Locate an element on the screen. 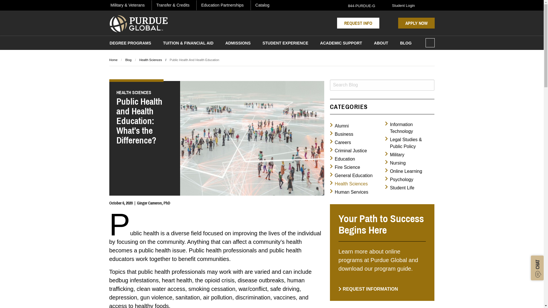  'ACADEMIC SUPPORT' is located at coordinates (318, 44).